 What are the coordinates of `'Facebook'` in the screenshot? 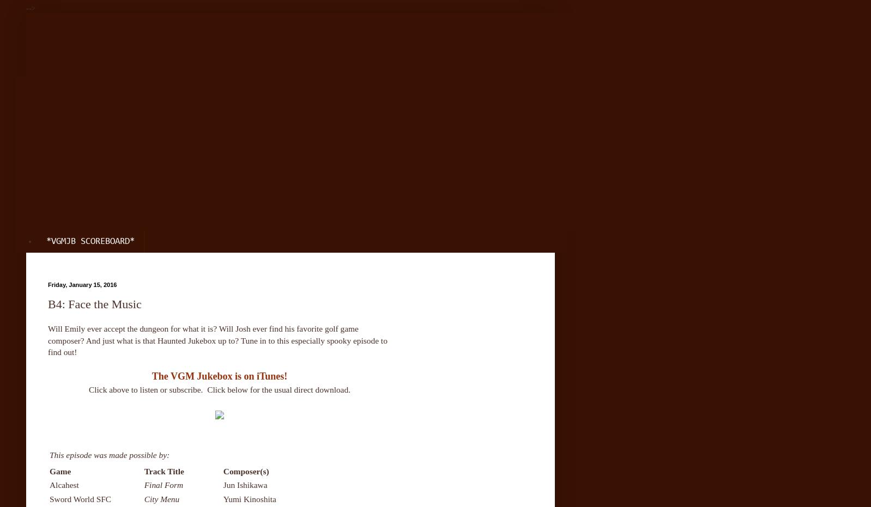 It's located at (65, 109).